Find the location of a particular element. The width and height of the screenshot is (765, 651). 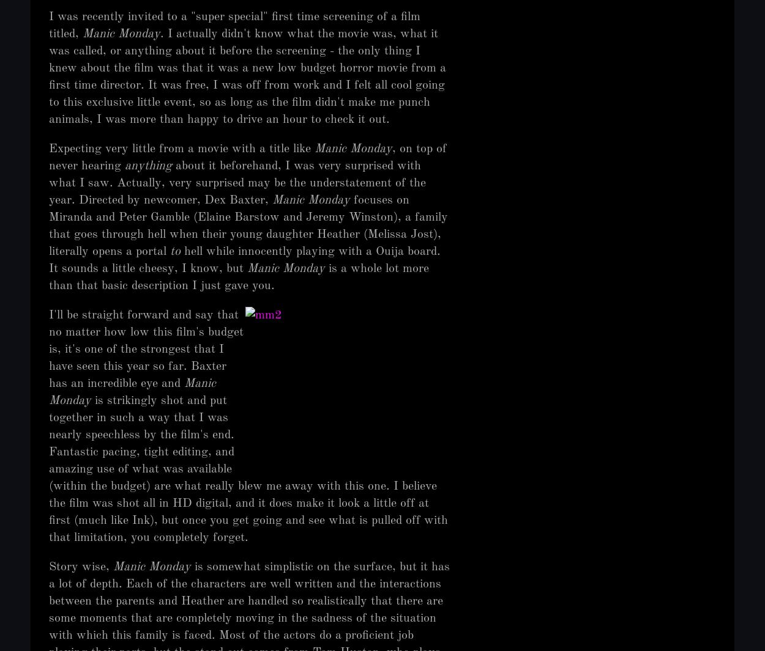

'about it beforehand, I was very surprised with what I saw. Actually, very surprised may be the understatement of the year. Directed by newcomer, Dex Baxter,' is located at coordinates (237, 183).